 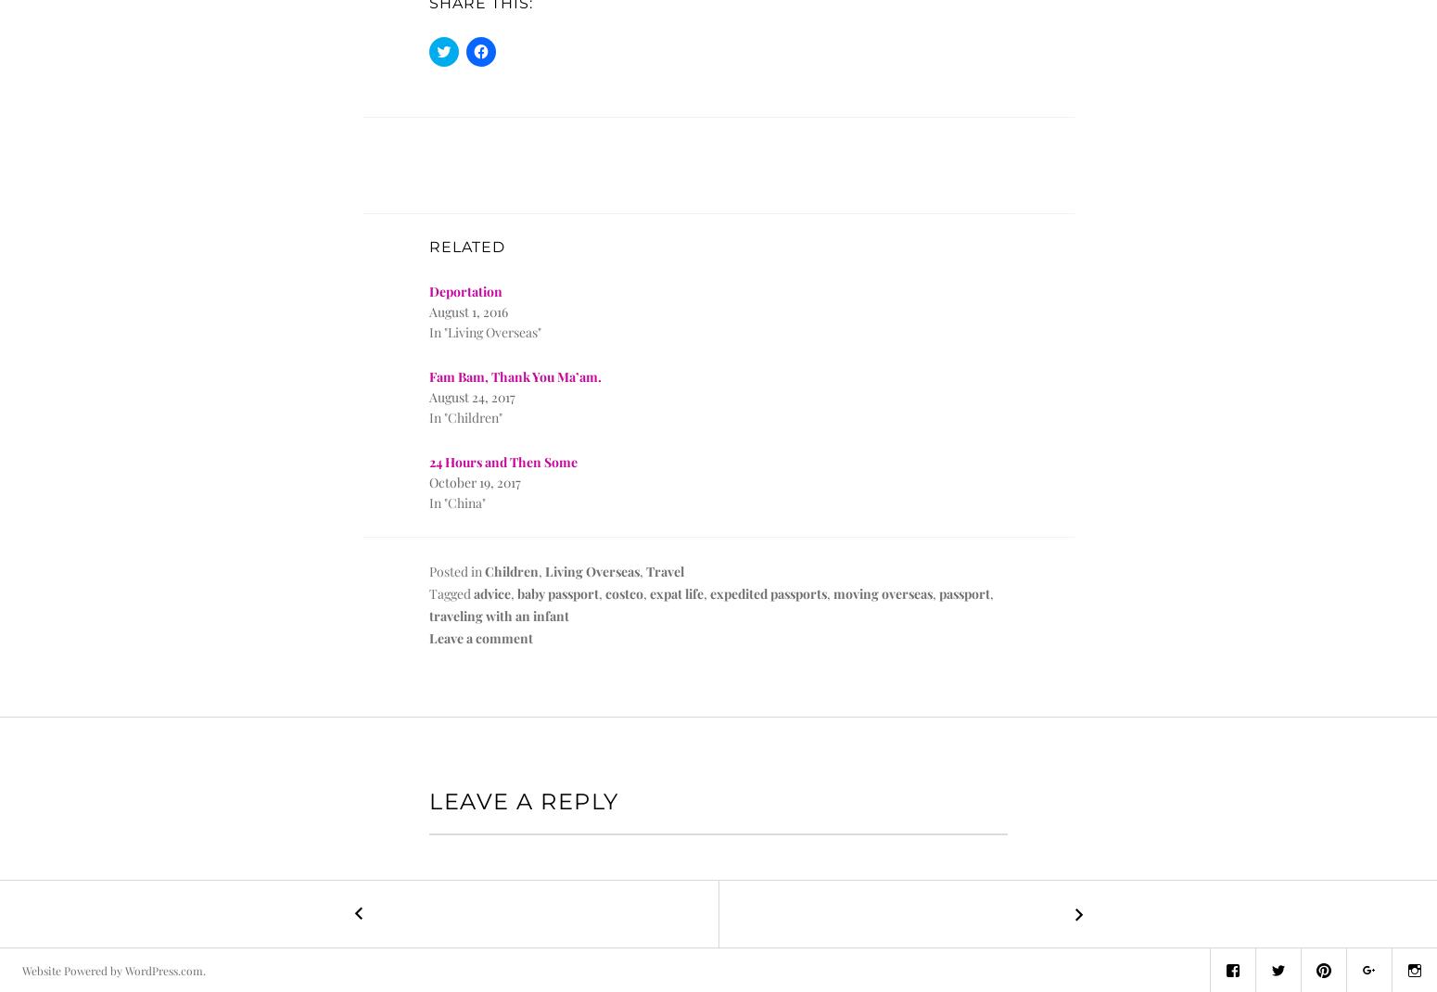 I want to click on 'Deportation', so click(x=464, y=291).